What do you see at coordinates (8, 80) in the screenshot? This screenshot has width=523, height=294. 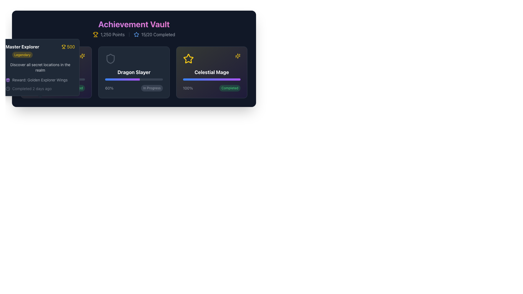 I see `the gift box icon with a purple outline, located to the left of the text 'Reward: Golden Explorer Wings' in the 'Master Explorer' section` at bounding box center [8, 80].